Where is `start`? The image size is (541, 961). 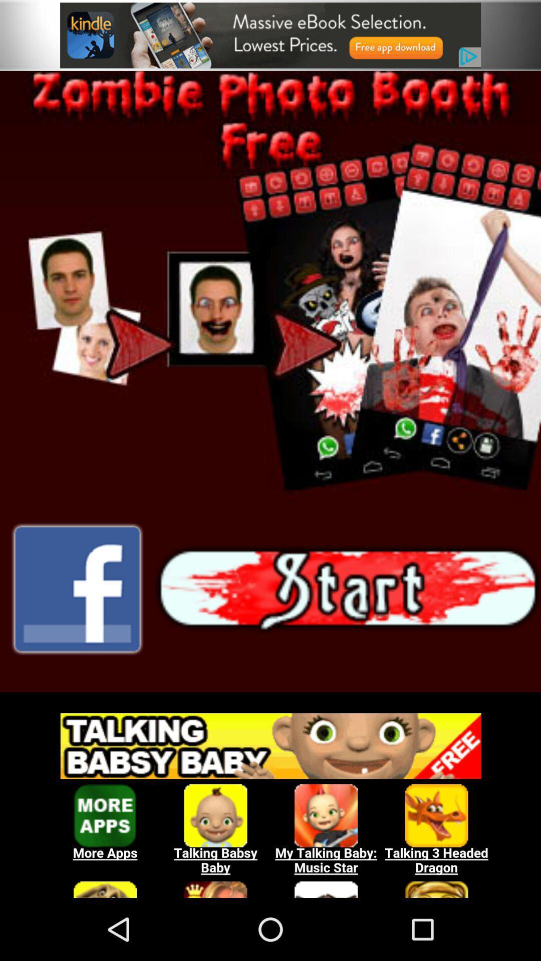 start is located at coordinates (347, 589).